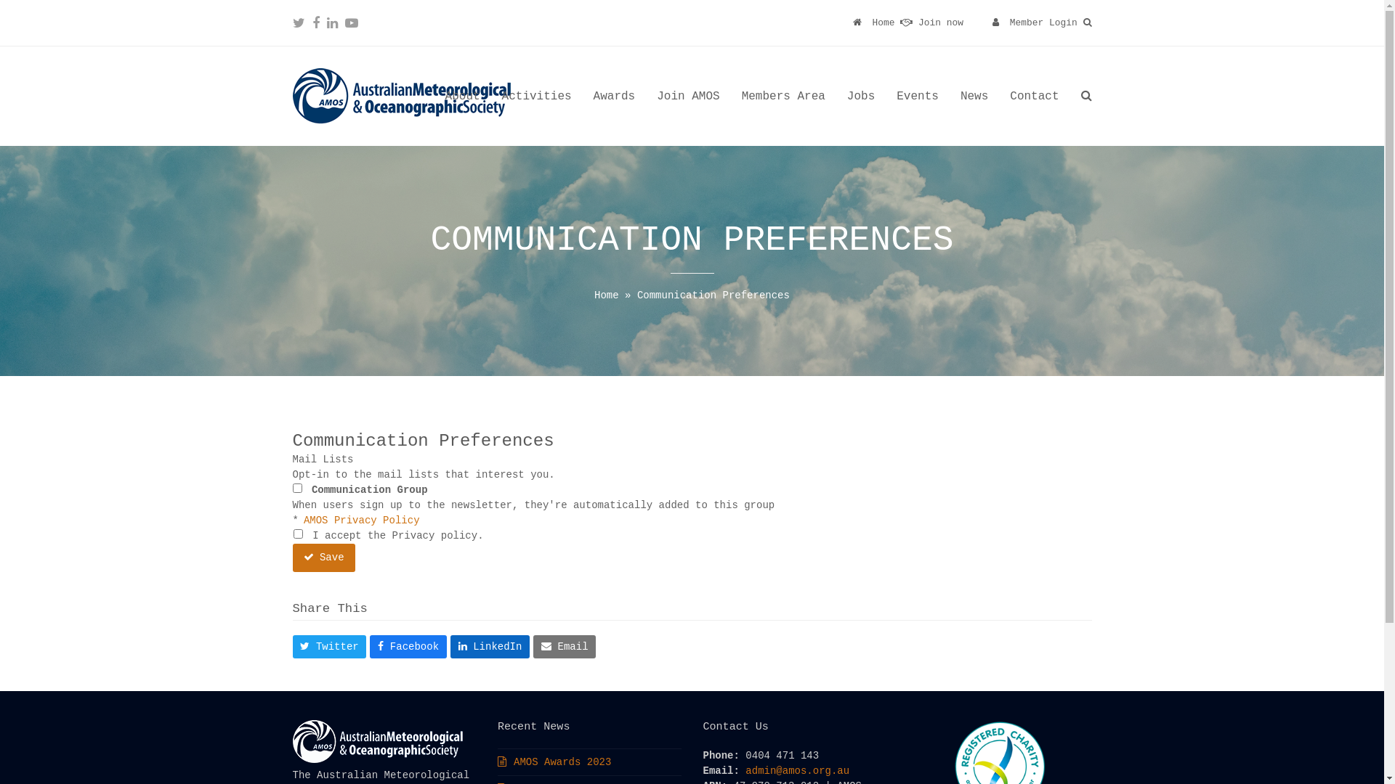 Image resolution: width=1395 pixels, height=784 pixels. I want to click on 'LinkedIn', so click(331, 23).